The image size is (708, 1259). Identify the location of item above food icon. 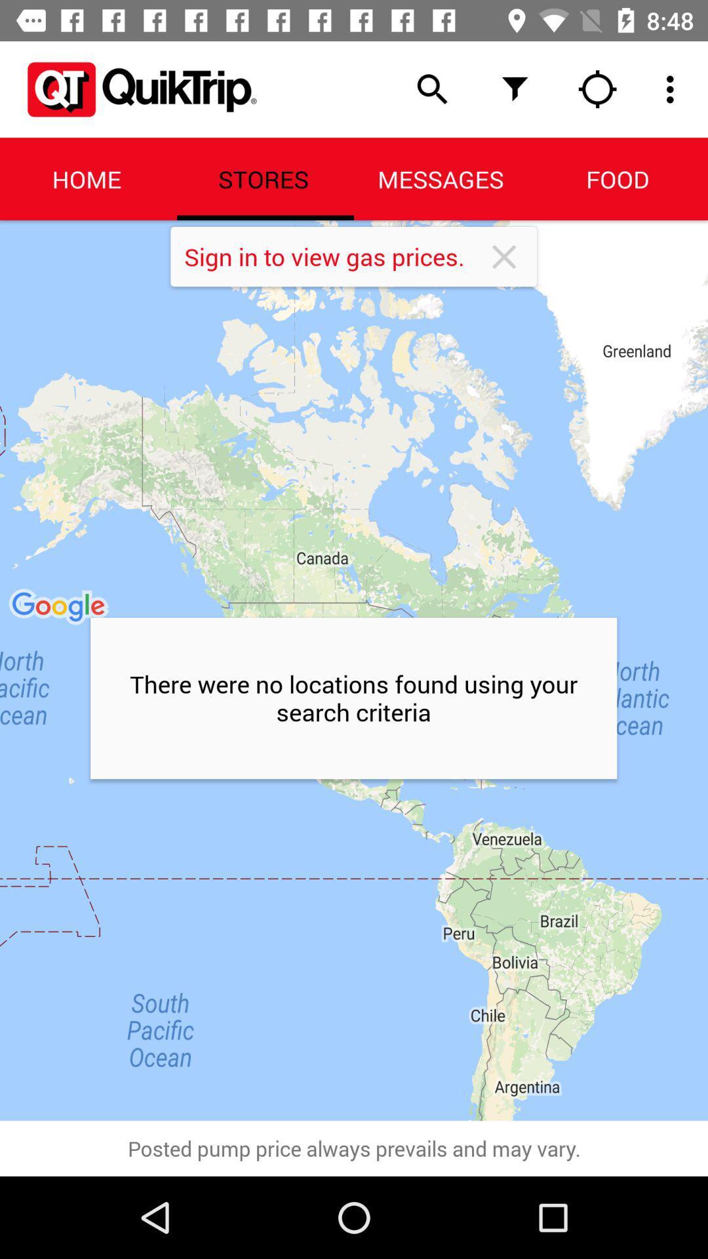
(597, 89).